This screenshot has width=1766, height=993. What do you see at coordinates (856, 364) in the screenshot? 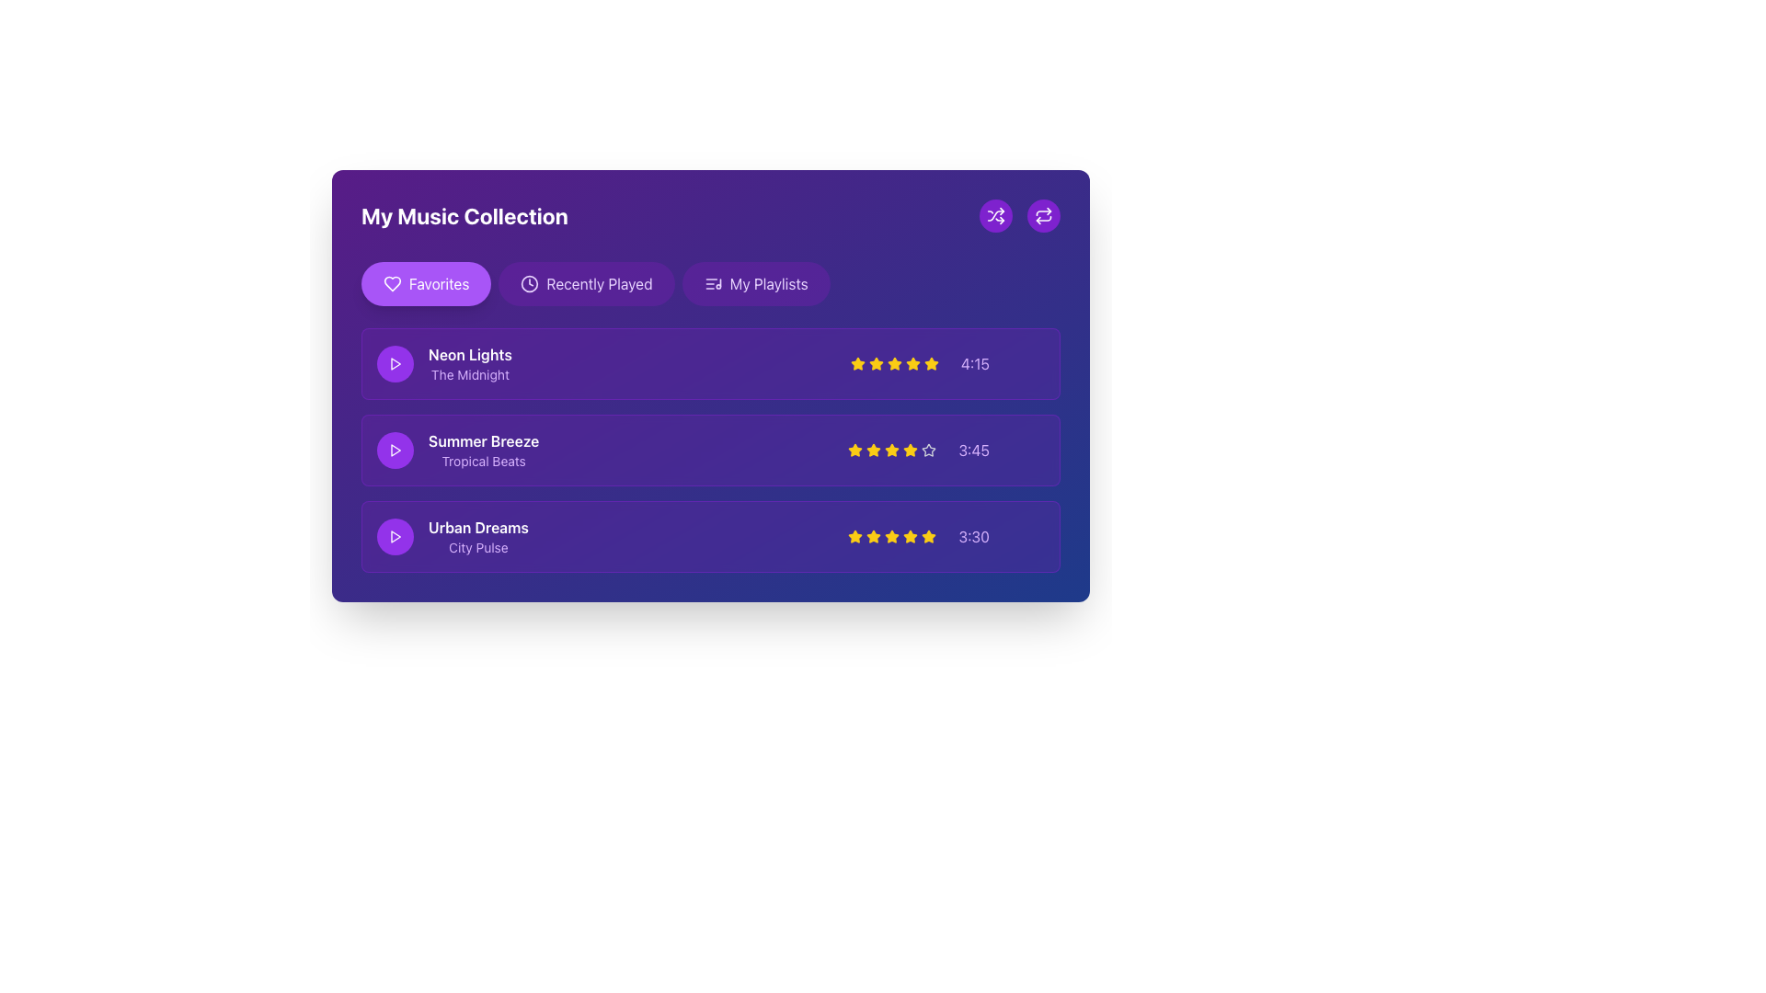
I see `the first star icon in the rating component of the 'Neon Lights' playlist entry` at bounding box center [856, 364].